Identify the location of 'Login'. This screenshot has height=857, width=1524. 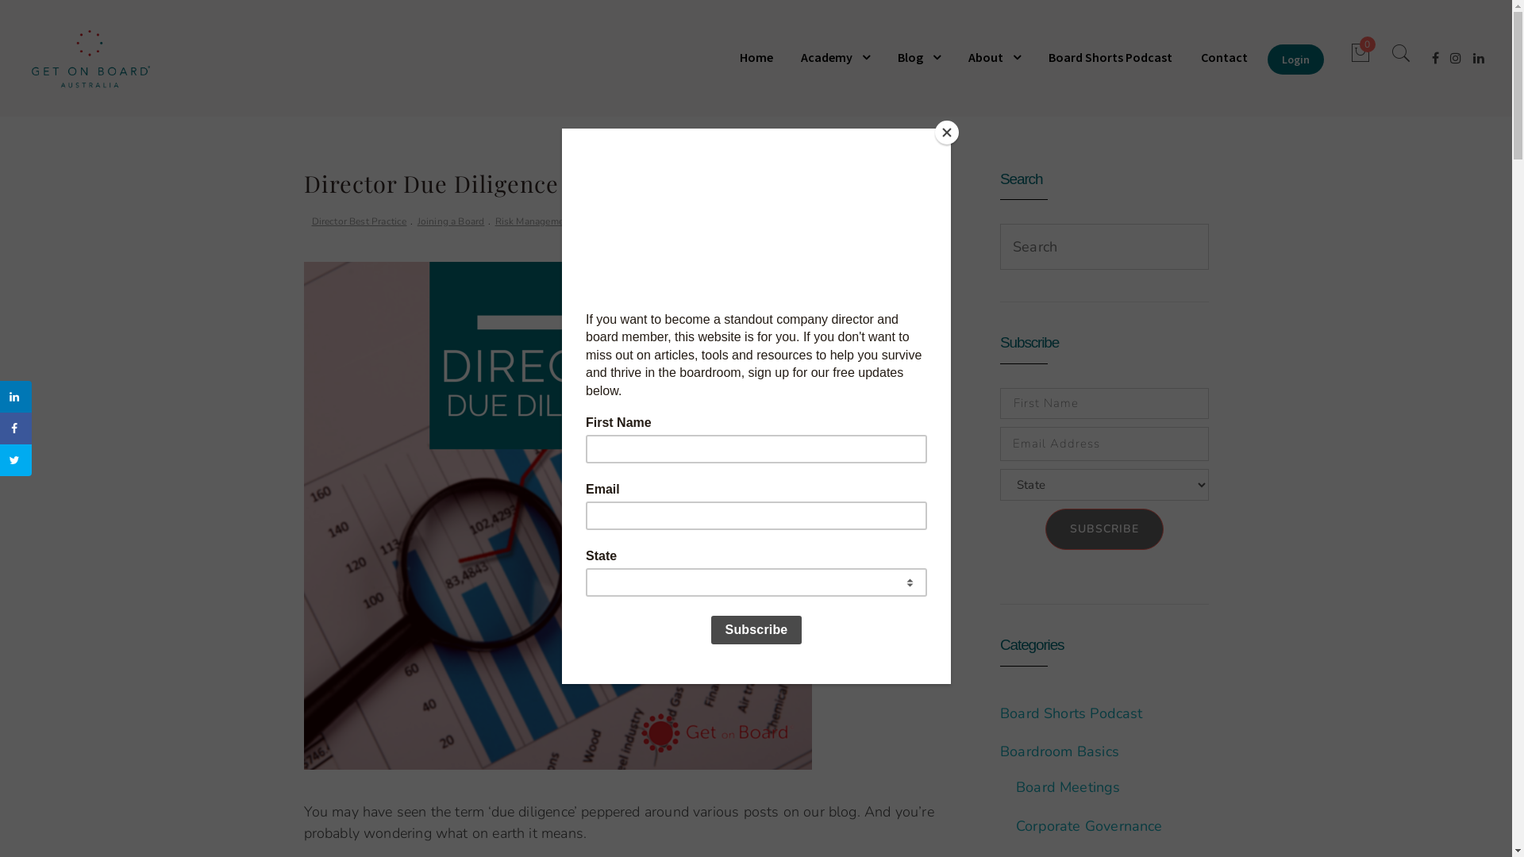
(1295, 58).